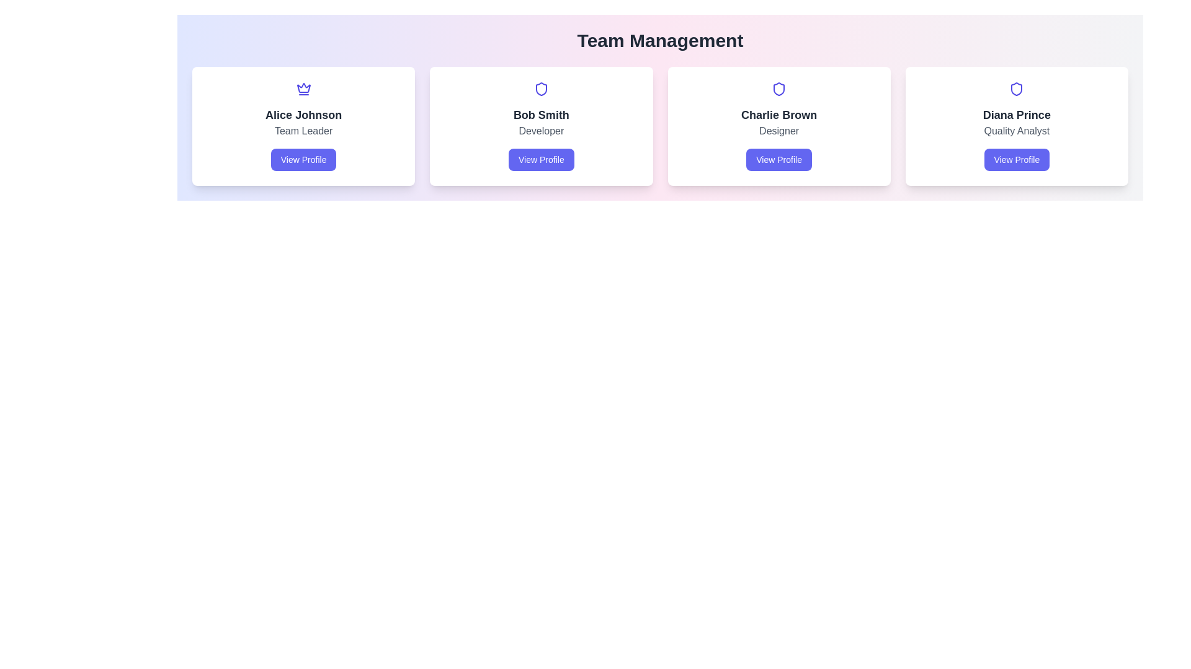 The image size is (1191, 669). What do you see at coordinates (303, 159) in the screenshot?
I see `the 'View Profile' button located in the lower section of the 'Team Leader' card` at bounding box center [303, 159].